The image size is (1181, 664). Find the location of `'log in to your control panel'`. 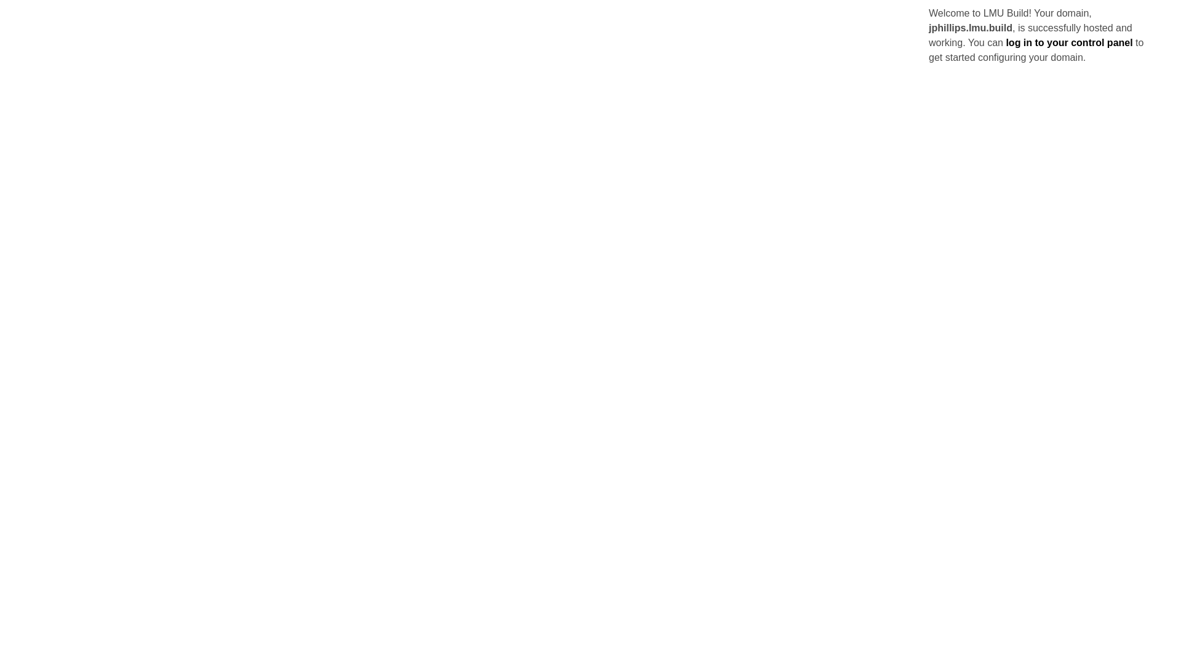

'log in to your control panel' is located at coordinates (1068, 42).